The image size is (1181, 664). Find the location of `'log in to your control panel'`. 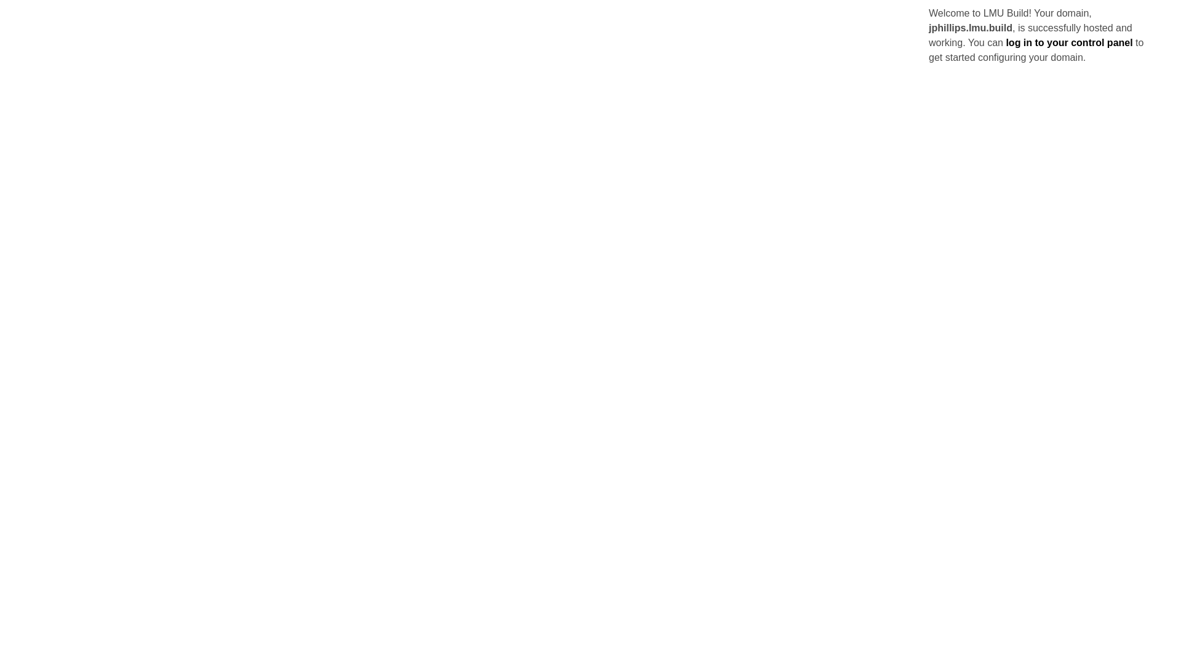

'log in to your control panel' is located at coordinates (1068, 42).